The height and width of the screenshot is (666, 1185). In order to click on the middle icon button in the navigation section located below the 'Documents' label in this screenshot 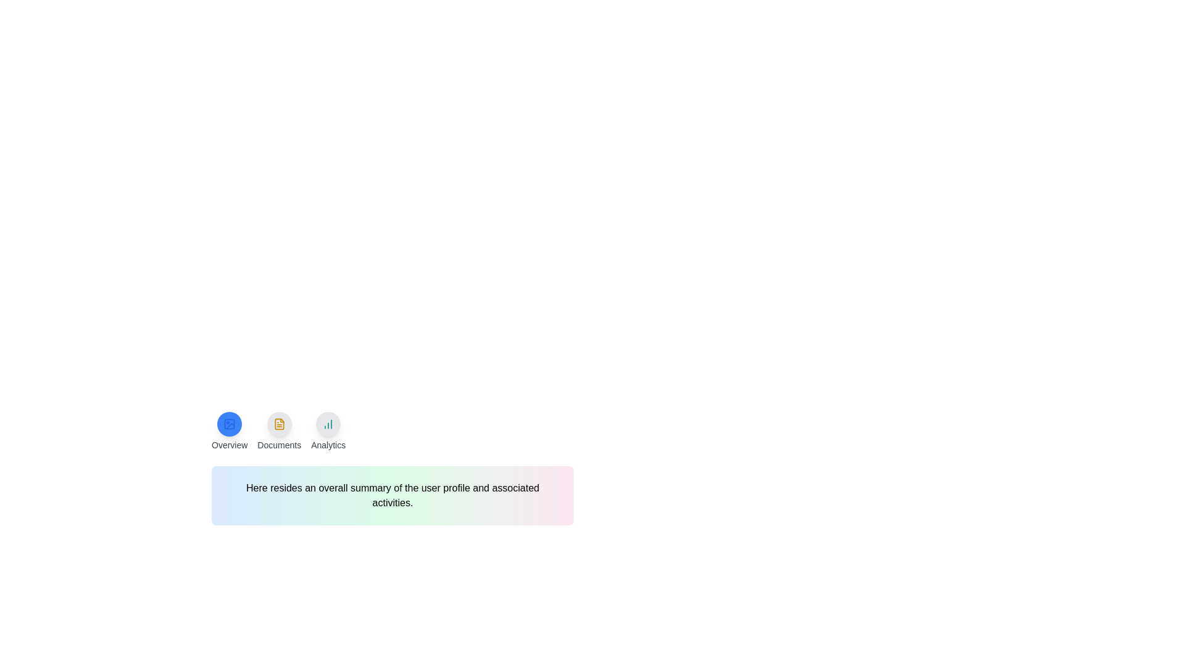, I will do `click(278, 423)`.